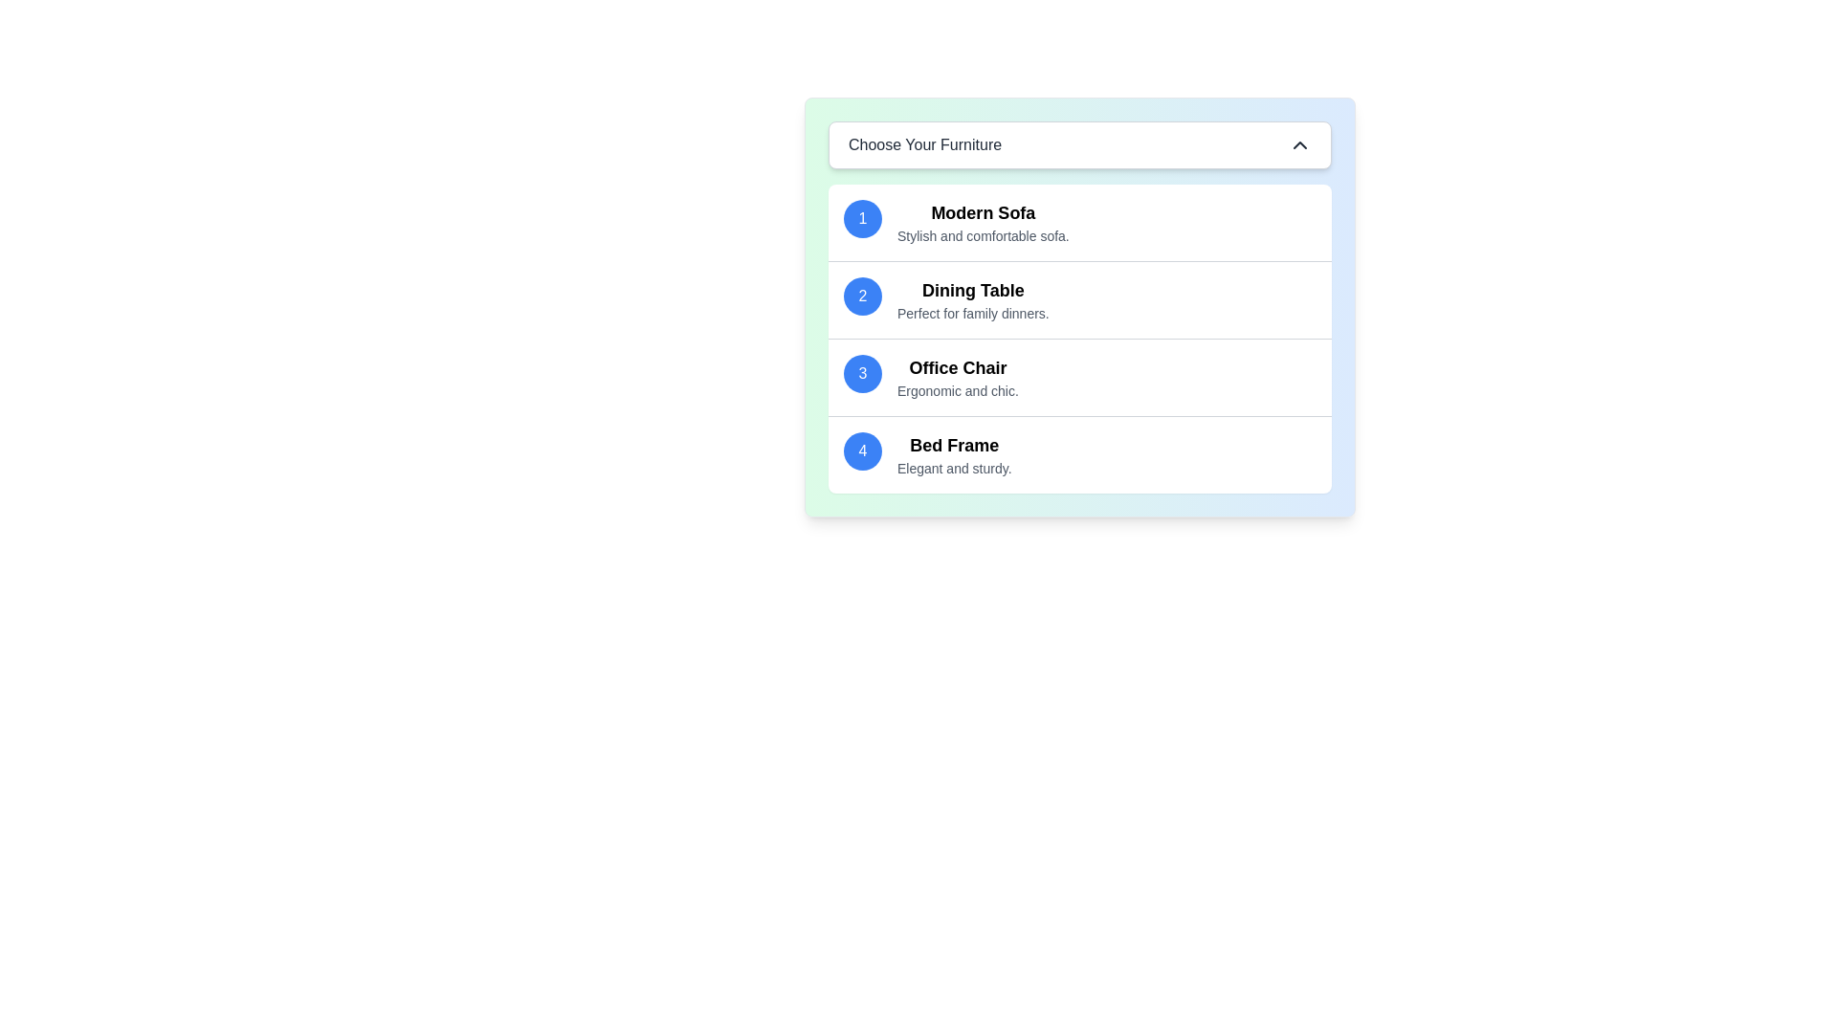 Image resolution: width=1837 pixels, height=1033 pixels. Describe the element at coordinates (862, 296) in the screenshot. I see `the first badge or label to the left of the text 'Dining Table' in the second item of the vertically listed menu` at that location.